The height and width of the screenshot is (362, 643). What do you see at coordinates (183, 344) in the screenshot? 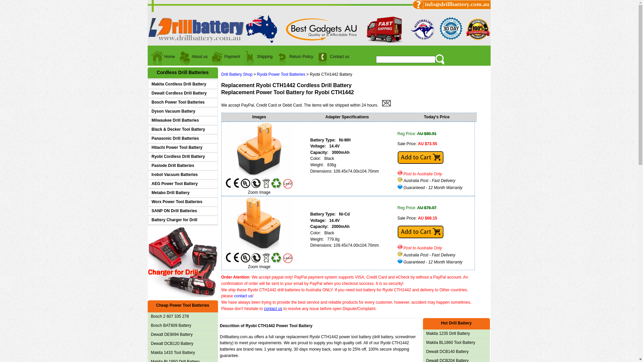
I see `'Dewalt DCB120 Battery'` at bounding box center [183, 344].